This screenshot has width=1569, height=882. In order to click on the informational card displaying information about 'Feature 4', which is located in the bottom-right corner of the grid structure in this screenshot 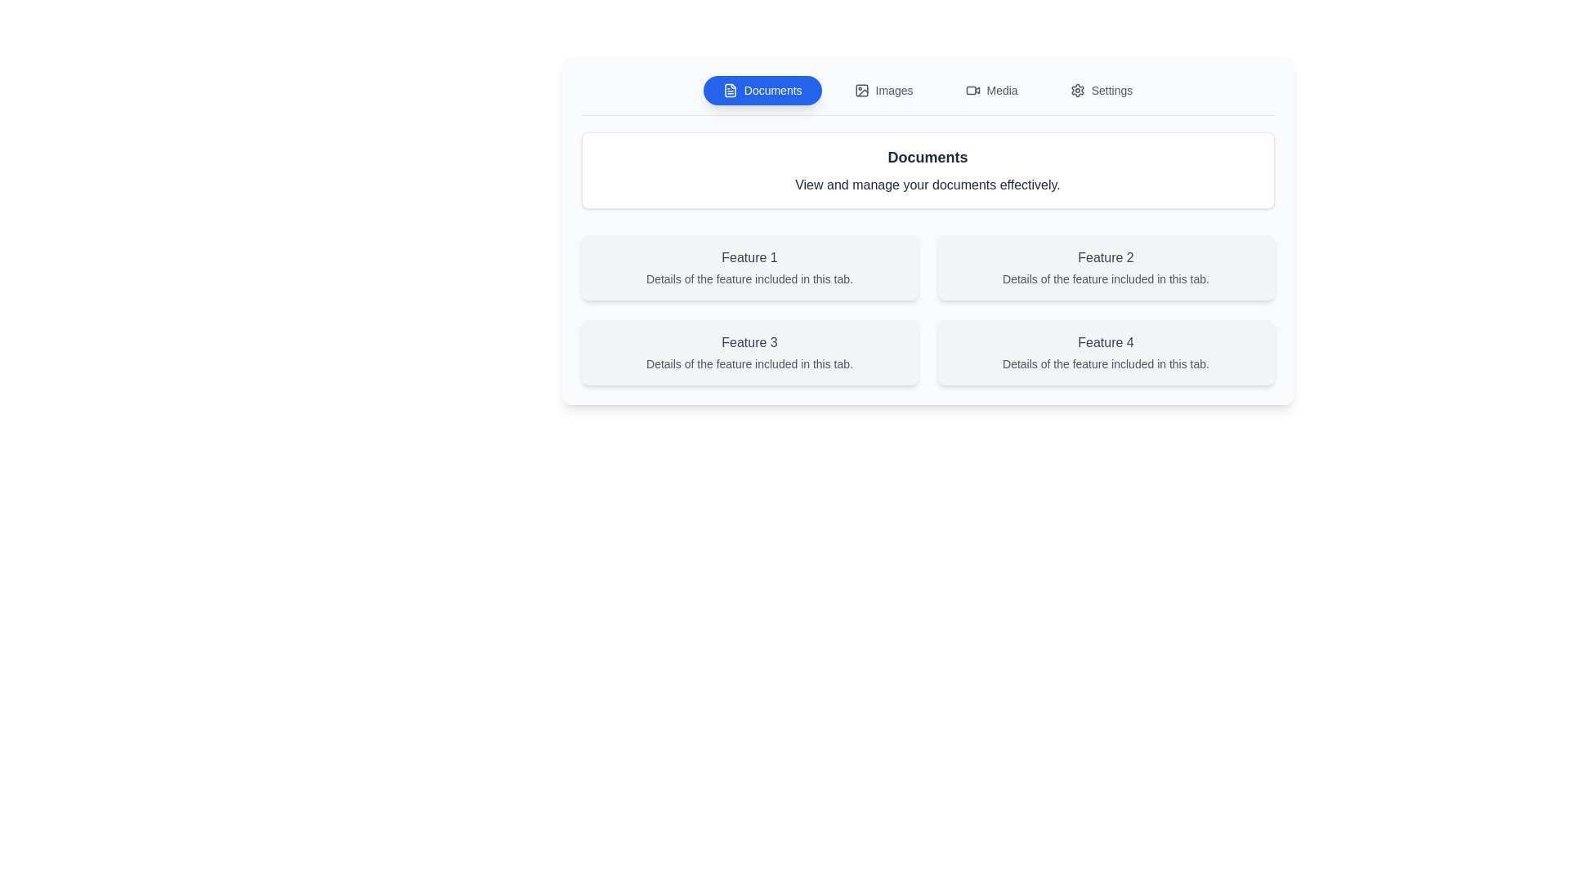, I will do `click(1106, 352)`.